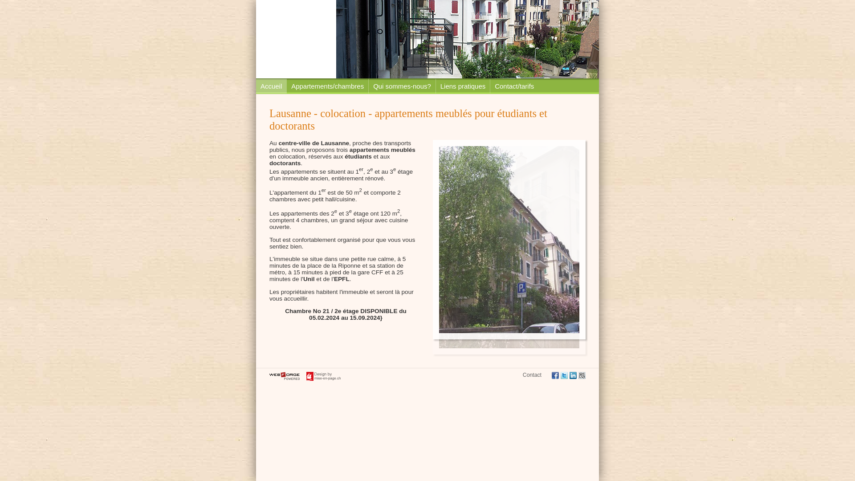  Describe the element at coordinates (582, 376) in the screenshot. I see `'Afficher le QR-Code'` at that location.